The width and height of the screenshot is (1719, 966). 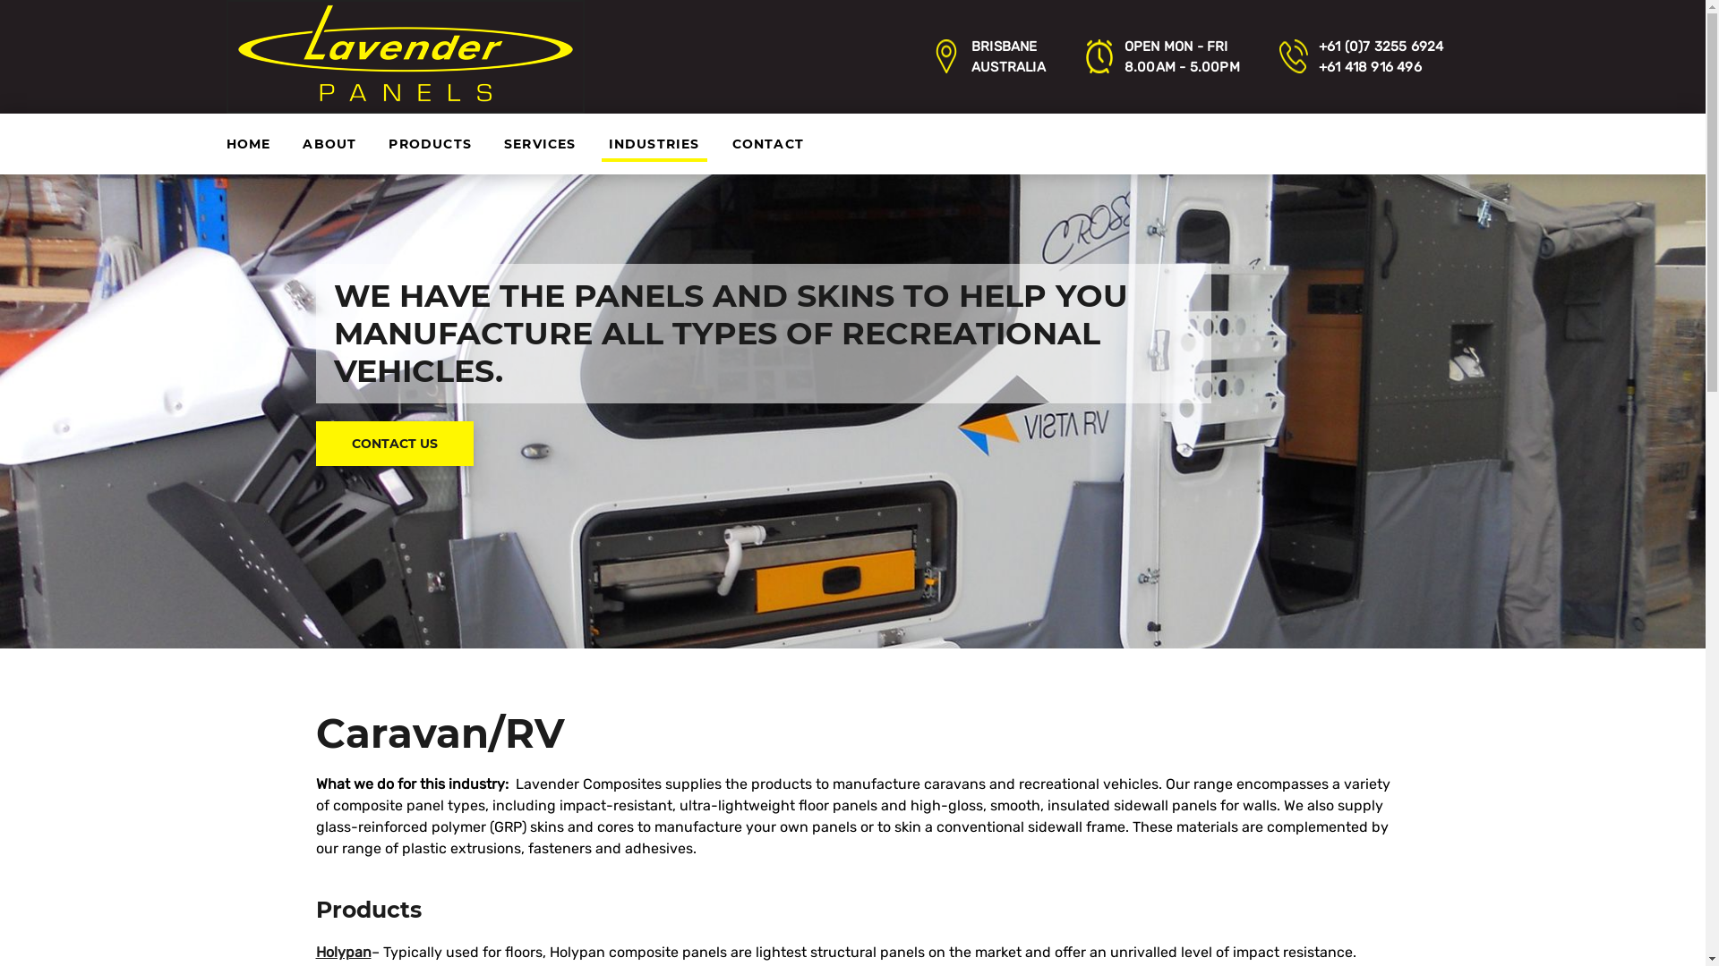 I want to click on 'INDUSTRIES', so click(x=653, y=143).